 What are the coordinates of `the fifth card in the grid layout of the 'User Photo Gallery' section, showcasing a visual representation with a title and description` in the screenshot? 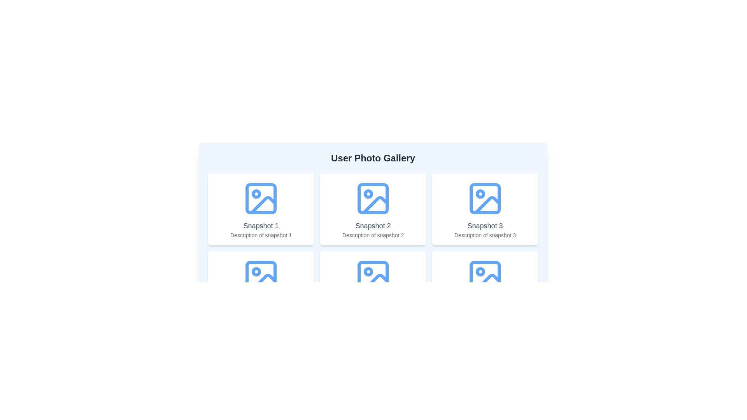 It's located at (373, 287).